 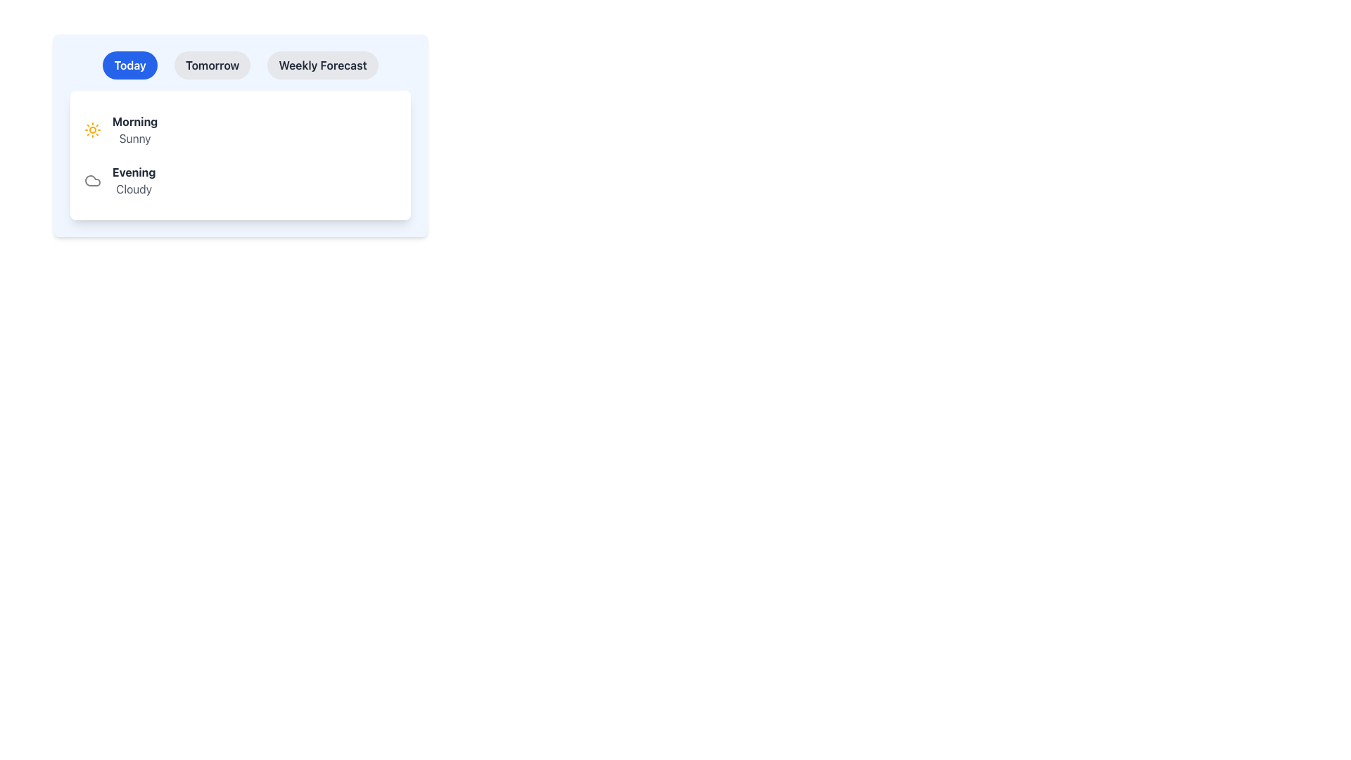 I want to click on the bold, dark gray text label displaying the word 'Morning', which is located in the top left portion of the 'Today' section of the weather forecast card, above the label 'Sunny', so click(x=135, y=121).